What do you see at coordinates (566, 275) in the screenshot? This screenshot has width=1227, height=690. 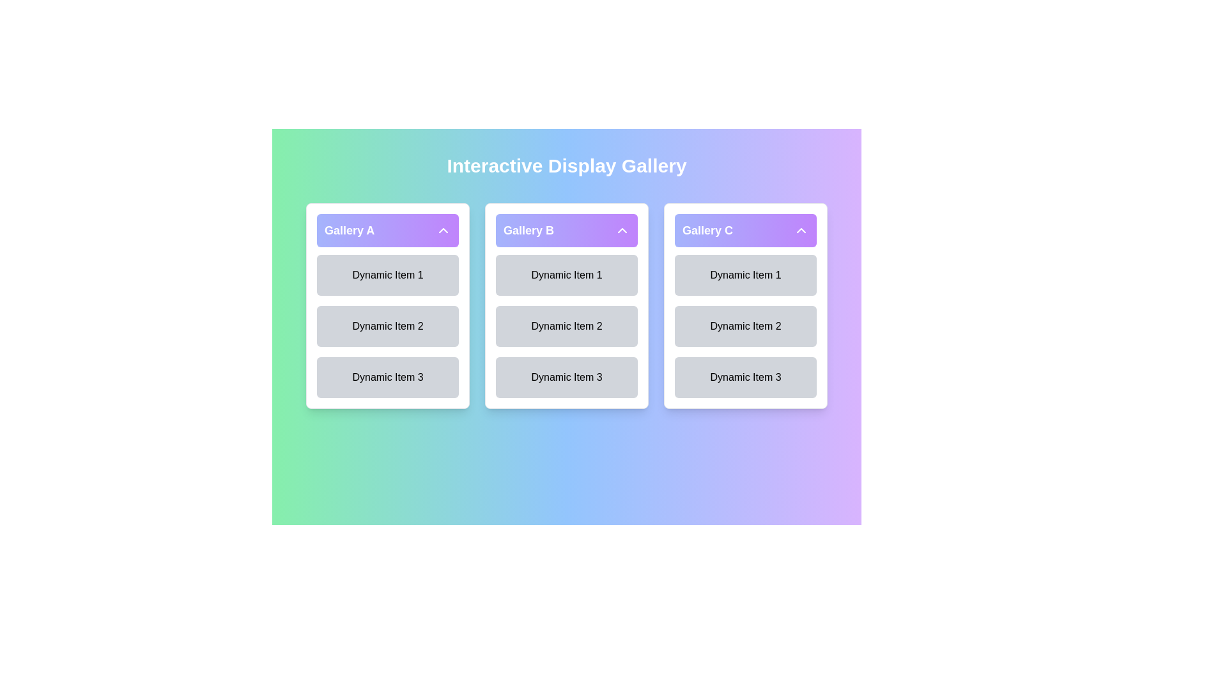 I see `the Basic button-like content with static text located in the second panel labeled 'Gallery B', which is the first item in a vertical list of three similar buttons` at bounding box center [566, 275].